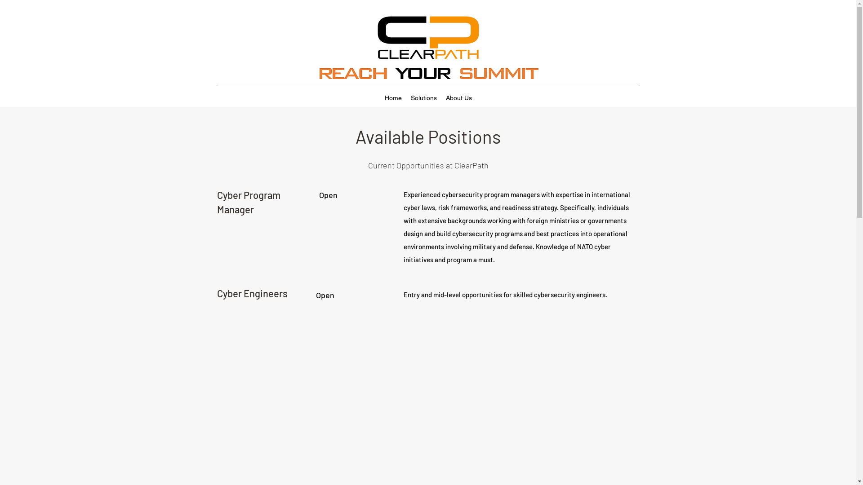  I want to click on 'Home', so click(393, 98).